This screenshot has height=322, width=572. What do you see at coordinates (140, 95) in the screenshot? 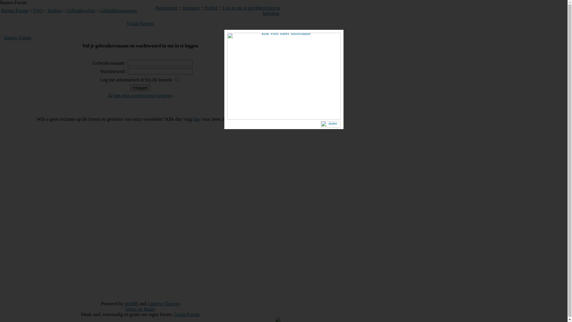
I see `'Ik ben mijn wachtwoord vergeten'` at bounding box center [140, 95].